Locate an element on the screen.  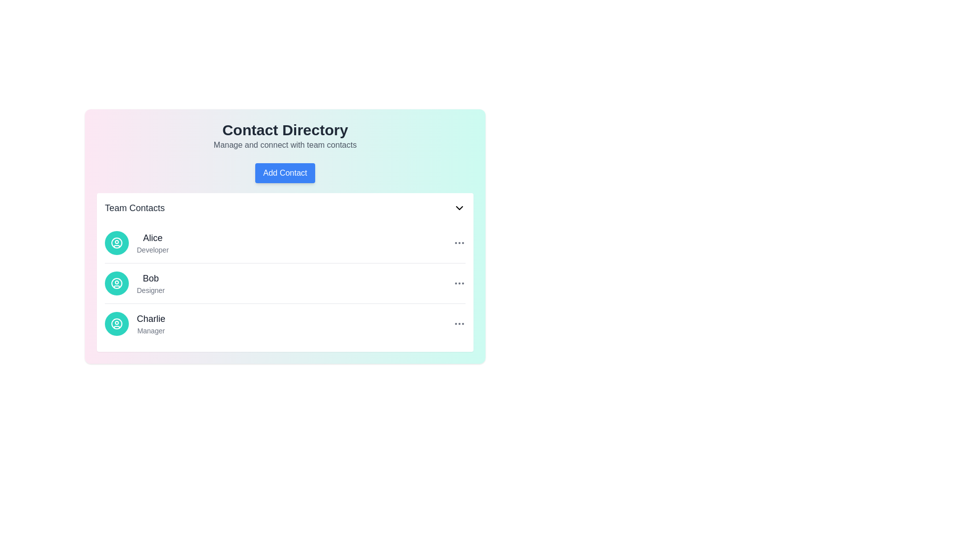
the static text element that reads 'Manage and connect with team contacts', which is positioned below the 'Contact Directory' header and above the 'Add Contact' button is located at coordinates (285, 145).